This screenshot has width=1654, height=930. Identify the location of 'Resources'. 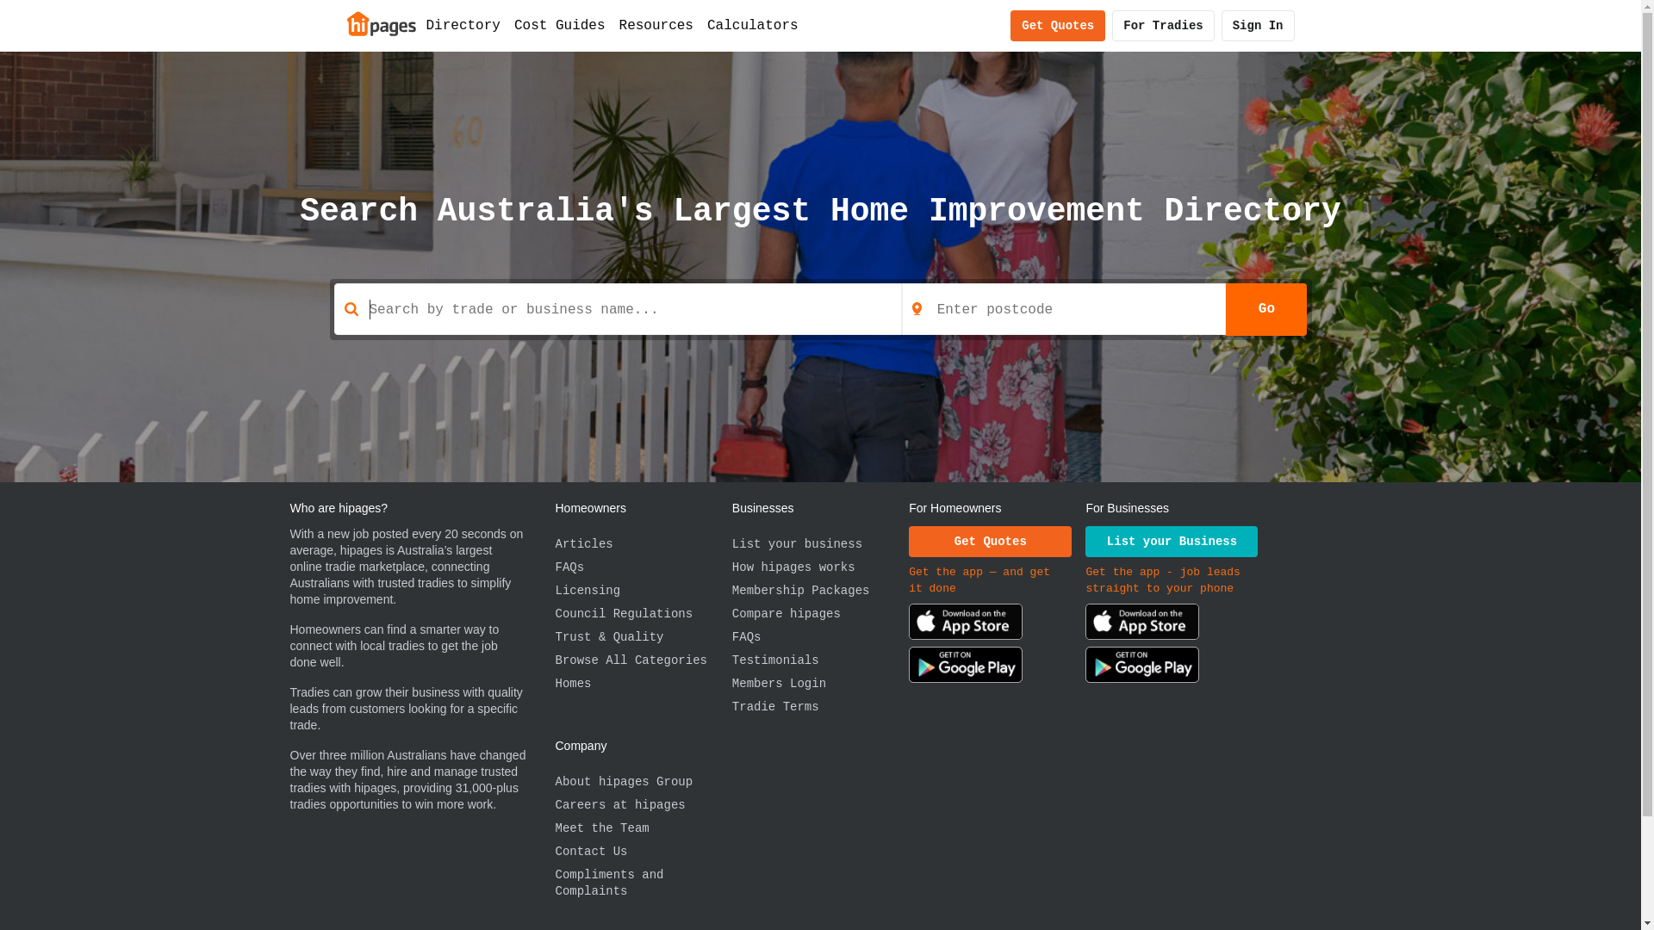
(656, 26).